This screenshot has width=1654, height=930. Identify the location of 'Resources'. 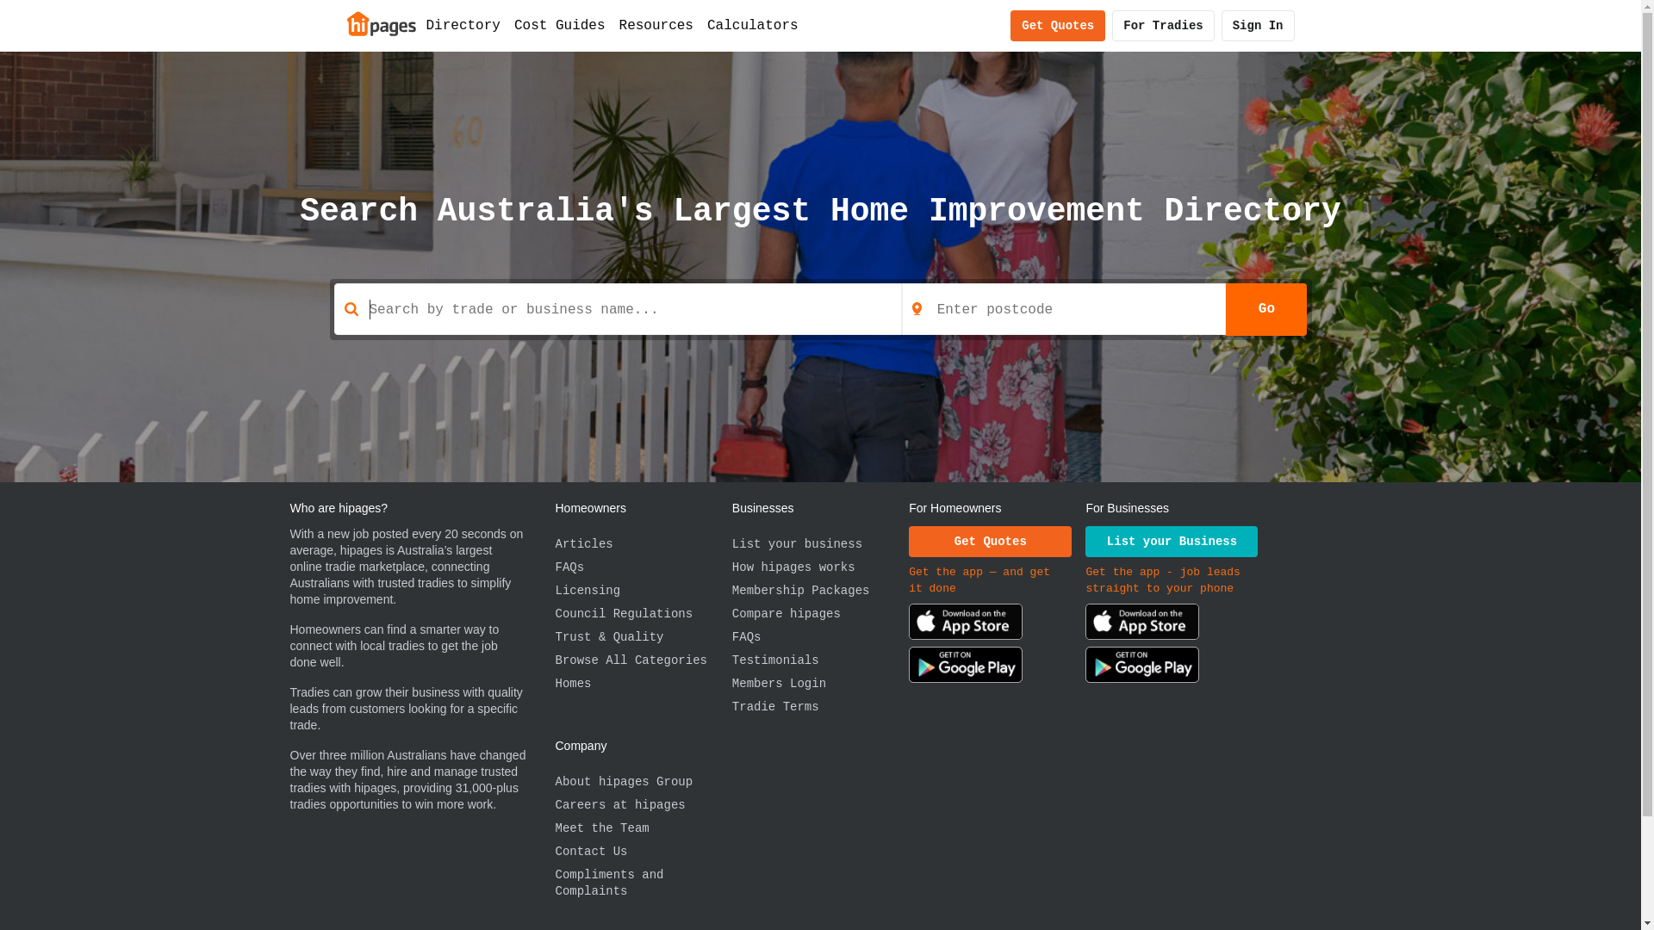
(656, 26).